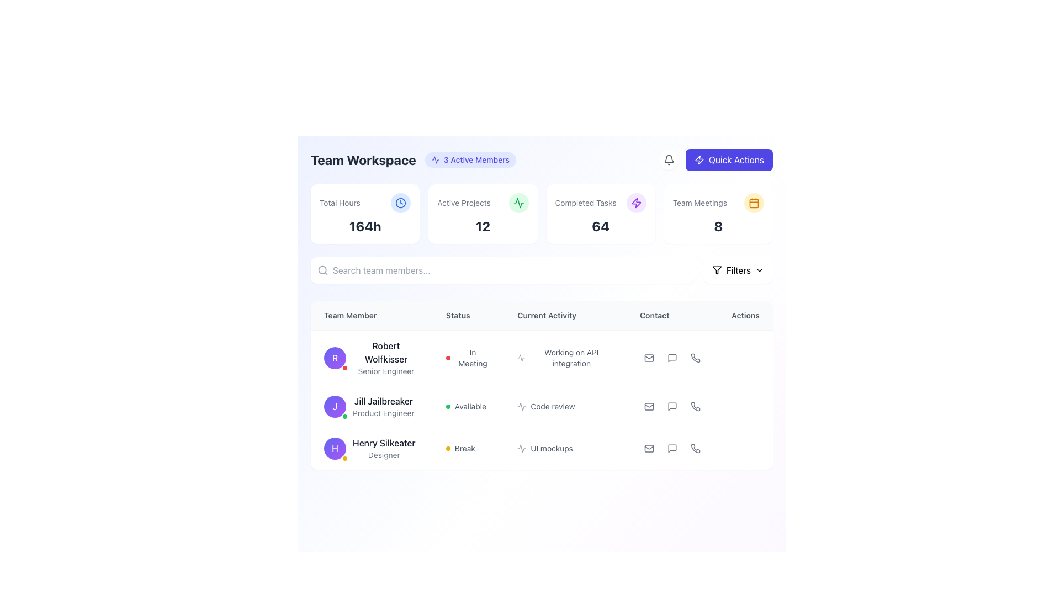 This screenshot has height=596, width=1060. I want to click on the text label displaying 'Senior Engineer', which is positioned below 'Robert Wolfkisser' in the Team Workspace interface, so click(386, 371).